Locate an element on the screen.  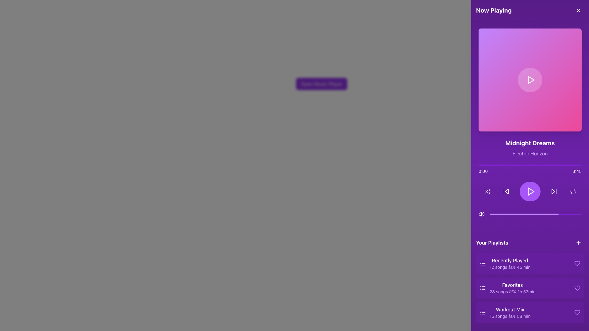
the 'Workout Mix' playlist icon located leftmost in the 'Your Playlists' section is located at coordinates (483, 312).